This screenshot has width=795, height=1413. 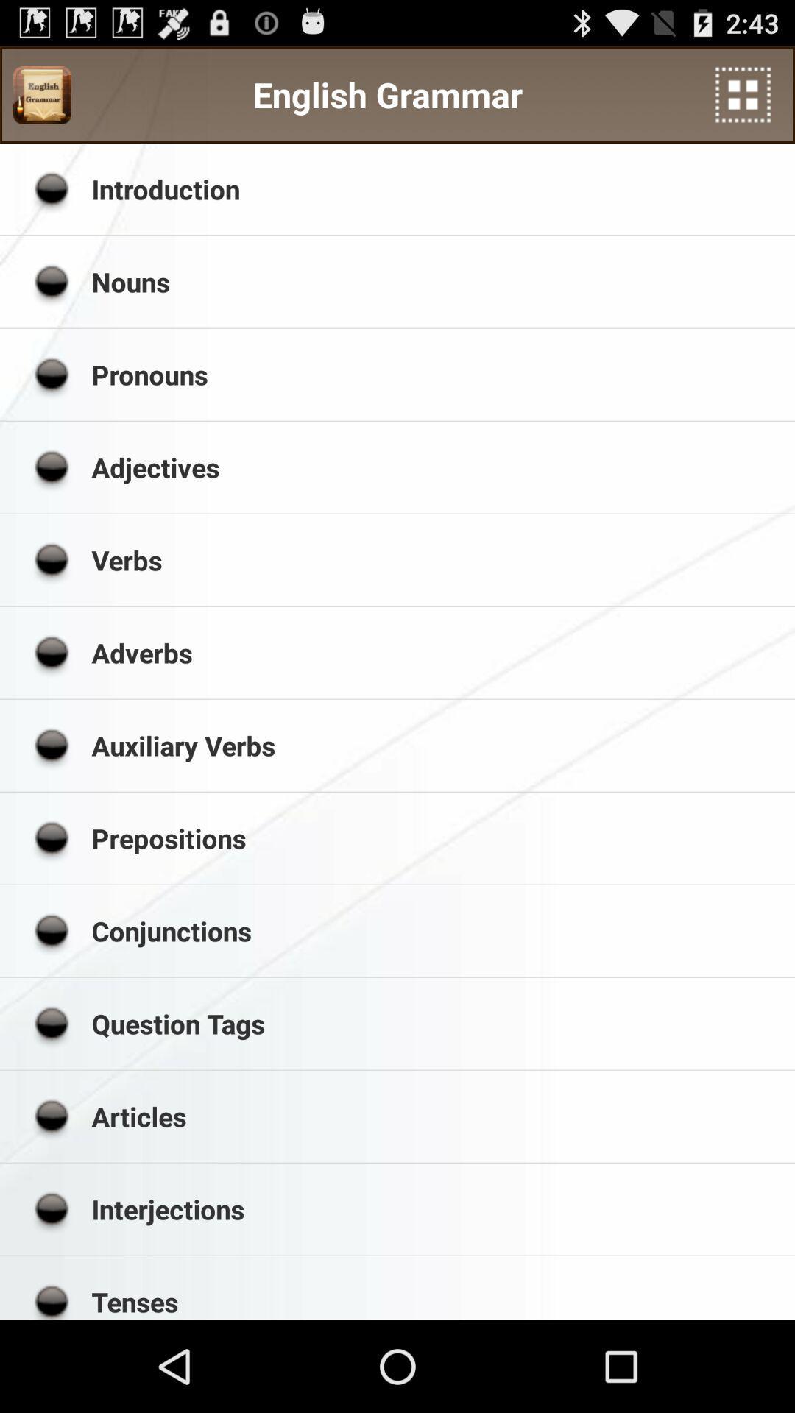 What do you see at coordinates (437, 1302) in the screenshot?
I see `the tenses icon` at bounding box center [437, 1302].